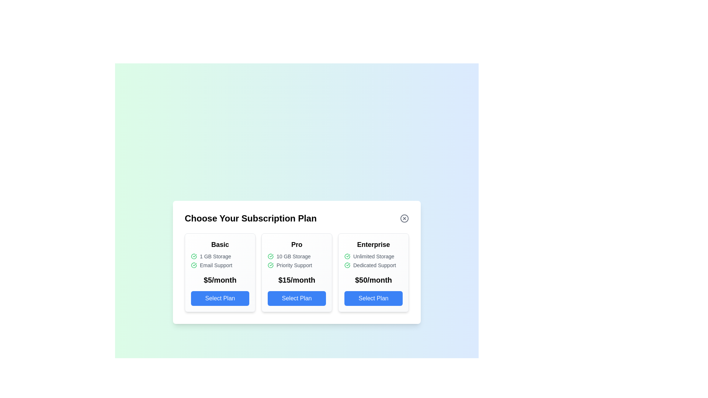  Describe the element at coordinates (219, 298) in the screenshot. I see `the Basic subscription plan by clicking its corresponding 'Select Plan' button` at that location.